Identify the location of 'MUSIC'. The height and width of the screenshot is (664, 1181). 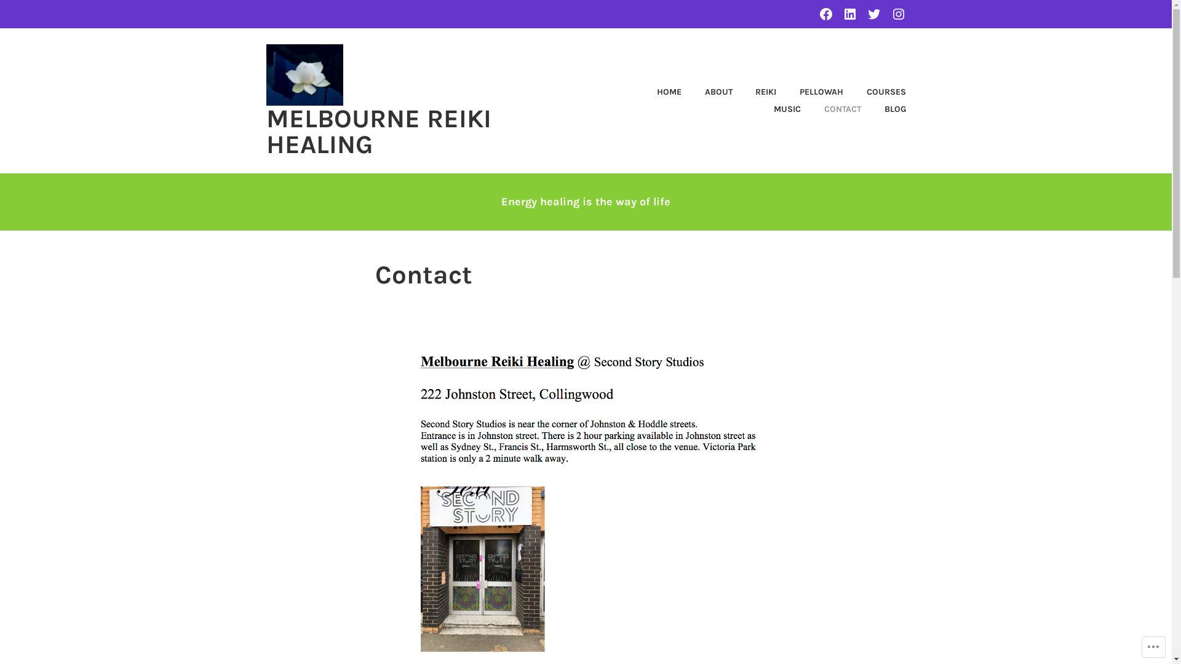
(776, 108).